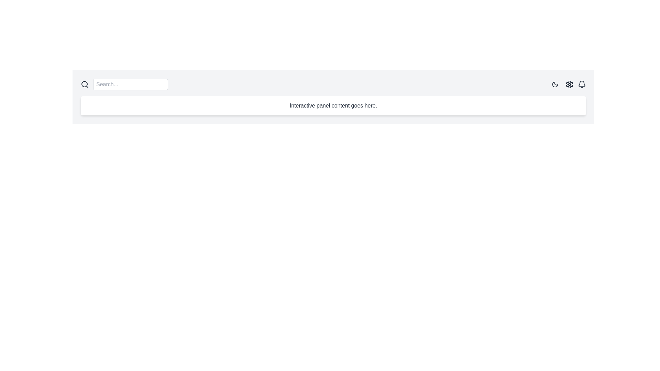 The image size is (660, 371). I want to click on the search icon, which is a magnifying glass located at the leftmost side of the search bar area, so click(84, 84).